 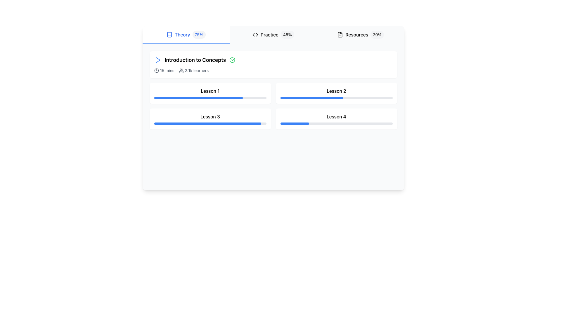 I want to click on the text label that displays 'Lesson 4', which is styled with medium weight font and located in the bottom-right corner of a grid of lessons, so click(x=336, y=117).